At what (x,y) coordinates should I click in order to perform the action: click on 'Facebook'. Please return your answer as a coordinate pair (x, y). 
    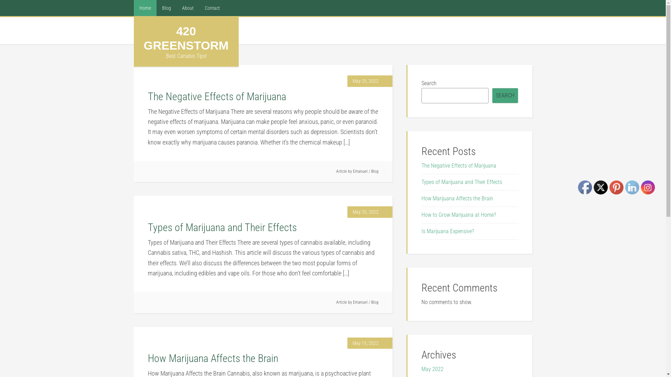
    Looking at the image, I should click on (578, 187).